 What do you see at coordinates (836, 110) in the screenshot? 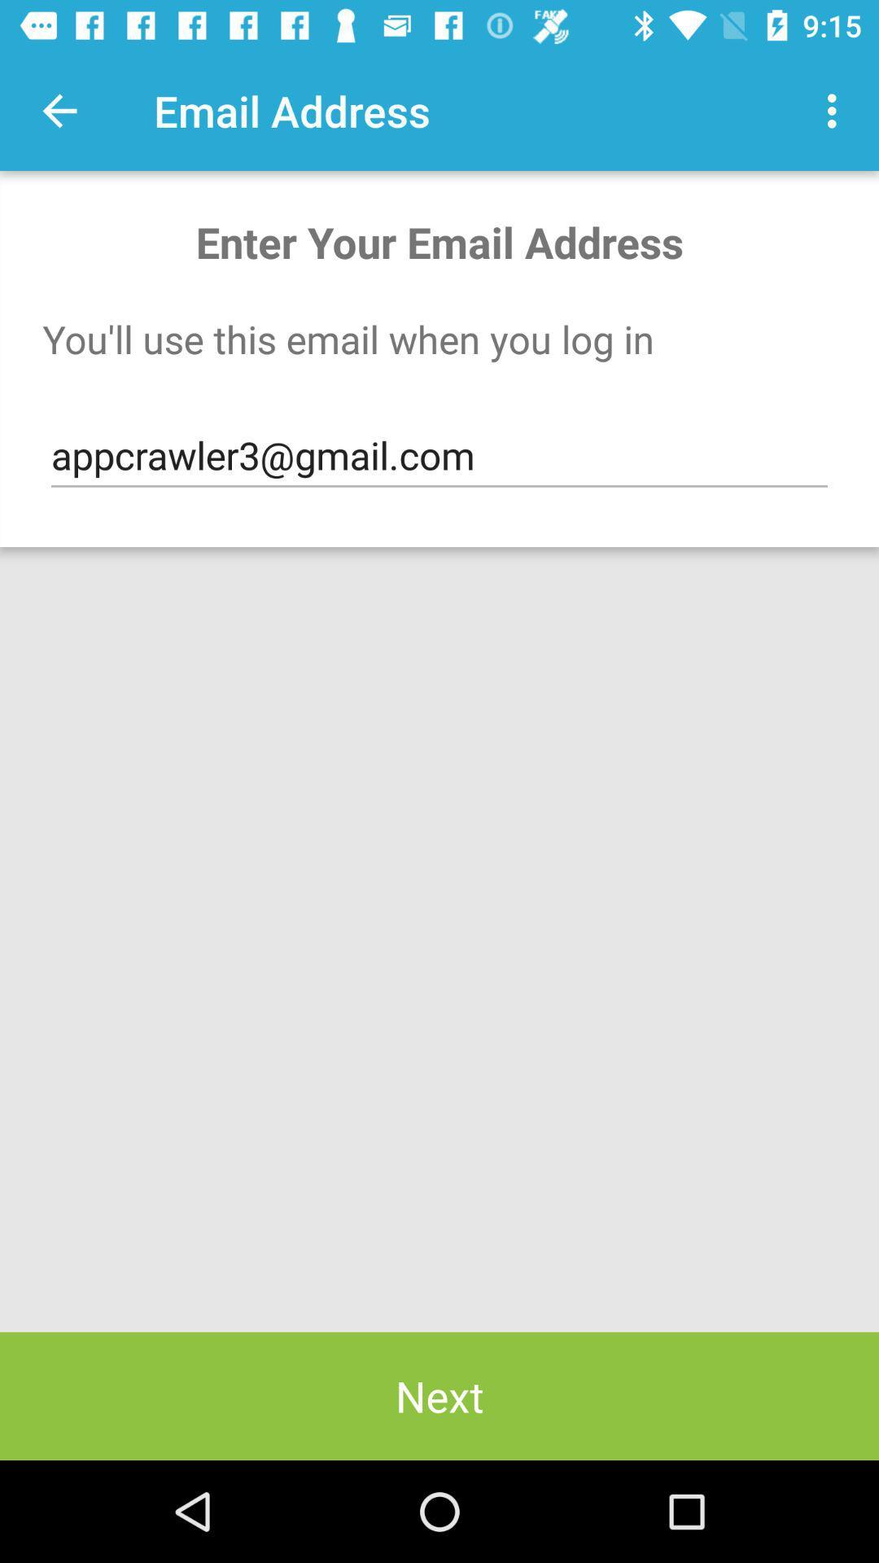
I see `icon to the right of email address item` at bounding box center [836, 110].